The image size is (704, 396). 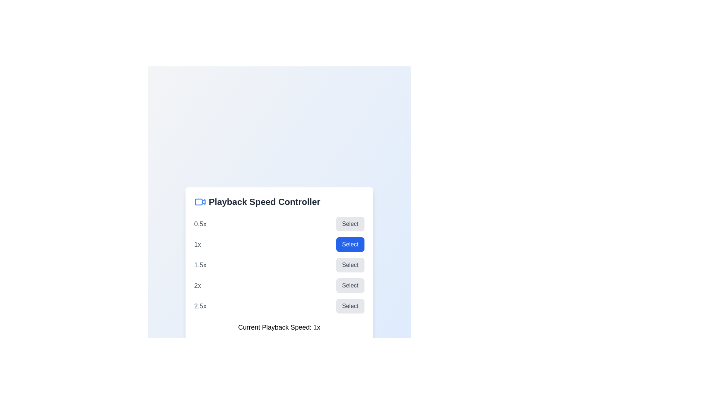 What do you see at coordinates (350, 306) in the screenshot?
I see `the rightmost button in the vertical list` at bounding box center [350, 306].